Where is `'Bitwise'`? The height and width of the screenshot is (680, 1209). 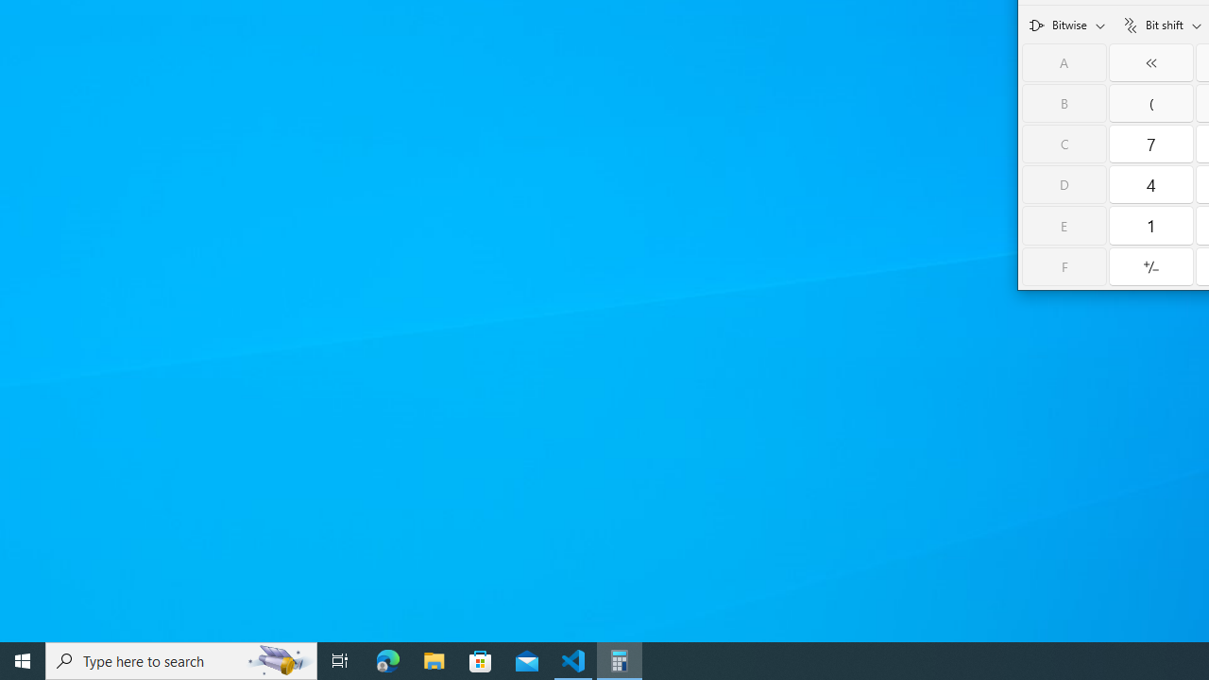 'Bitwise' is located at coordinates (1067, 24).